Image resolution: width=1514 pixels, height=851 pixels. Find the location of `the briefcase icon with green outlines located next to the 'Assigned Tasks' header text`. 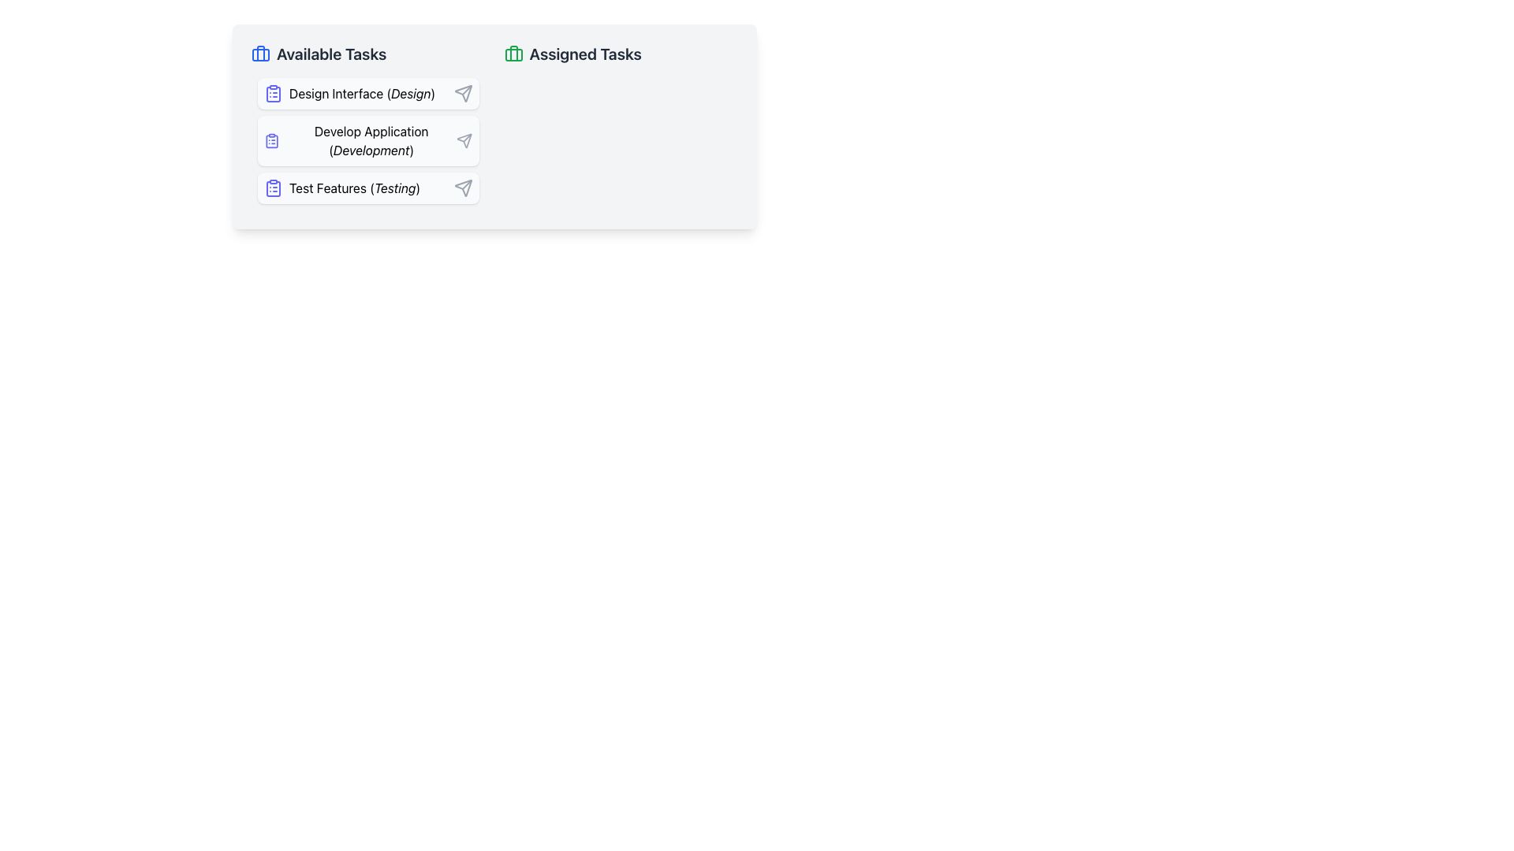

the briefcase icon with green outlines located next to the 'Assigned Tasks' header text is located at coordinates (513, 54).